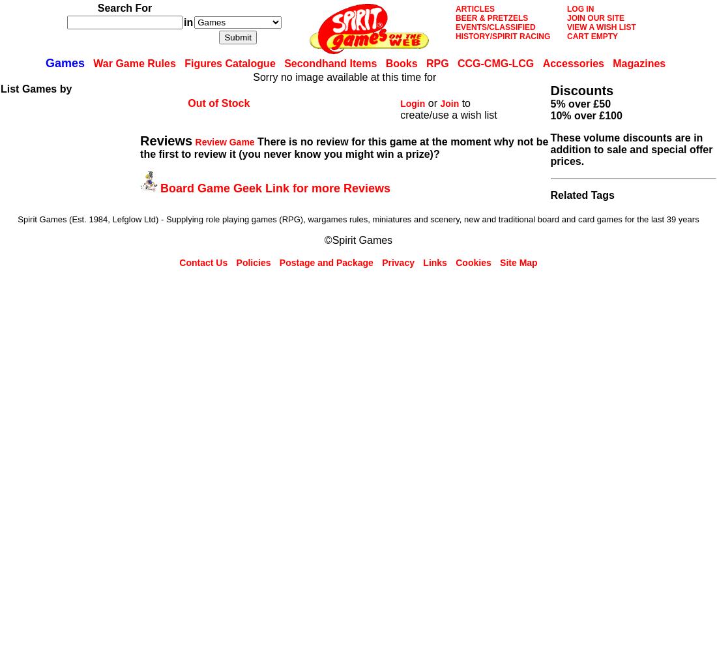  What do you see at coordinates (166, 140) in the screenshot?
I see `'Reviews'` at bounding box center [166, 140].